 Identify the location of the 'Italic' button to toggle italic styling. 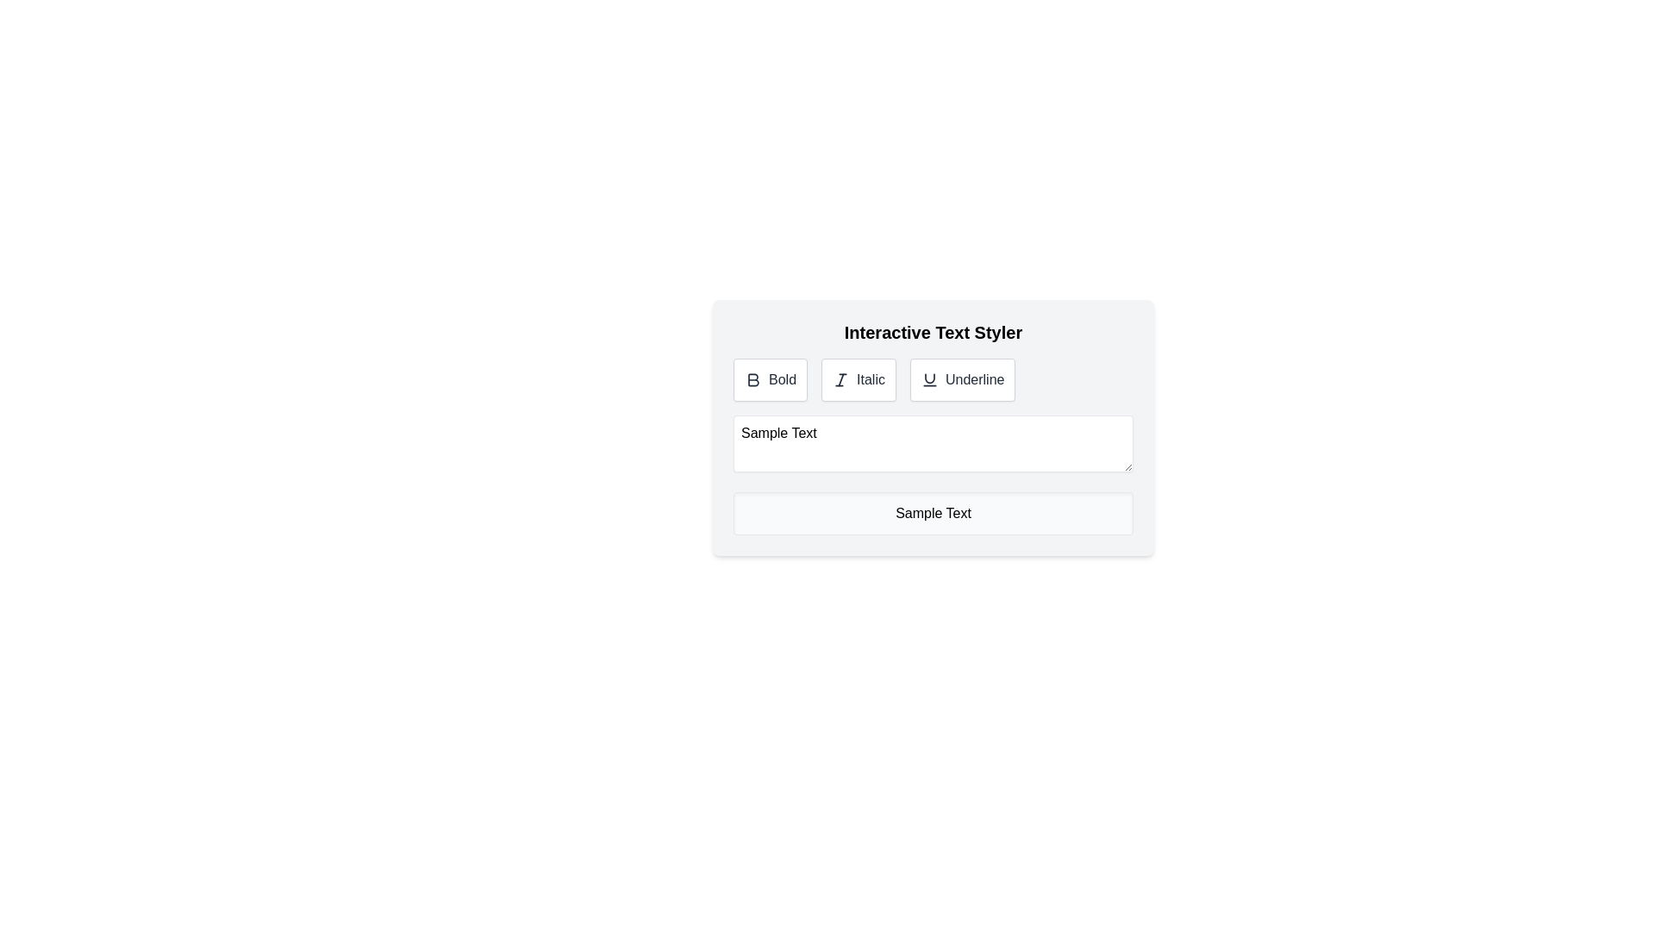
(859, 378).